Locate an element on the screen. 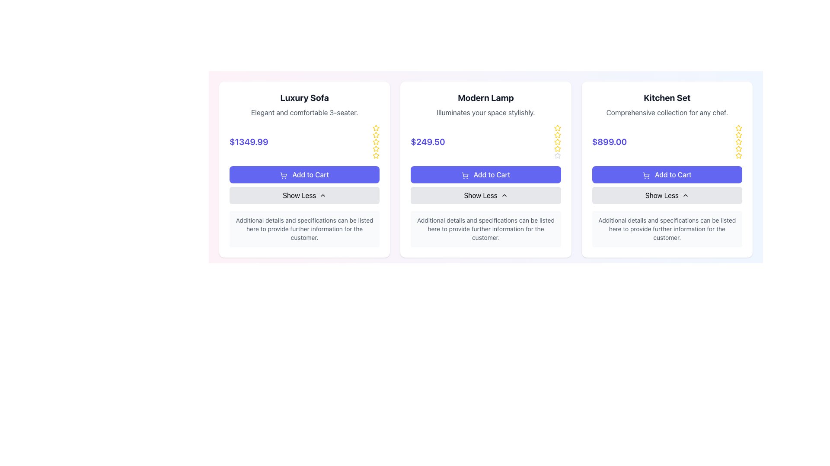 The image size is (830, 466). the fifth star-shaped icon, which is yellow with a hollow center, located in the top right corner of the 'Kitchen Set' card is located at coordinates (738, 155).